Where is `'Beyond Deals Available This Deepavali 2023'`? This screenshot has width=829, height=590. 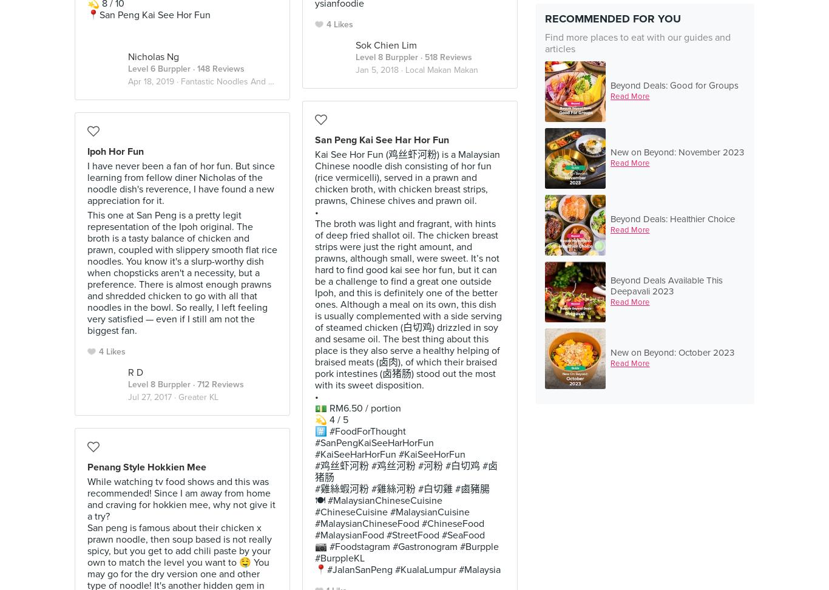 'Beyond Deals Available This Deepavali 2023' is located at coordinates (666, 285).